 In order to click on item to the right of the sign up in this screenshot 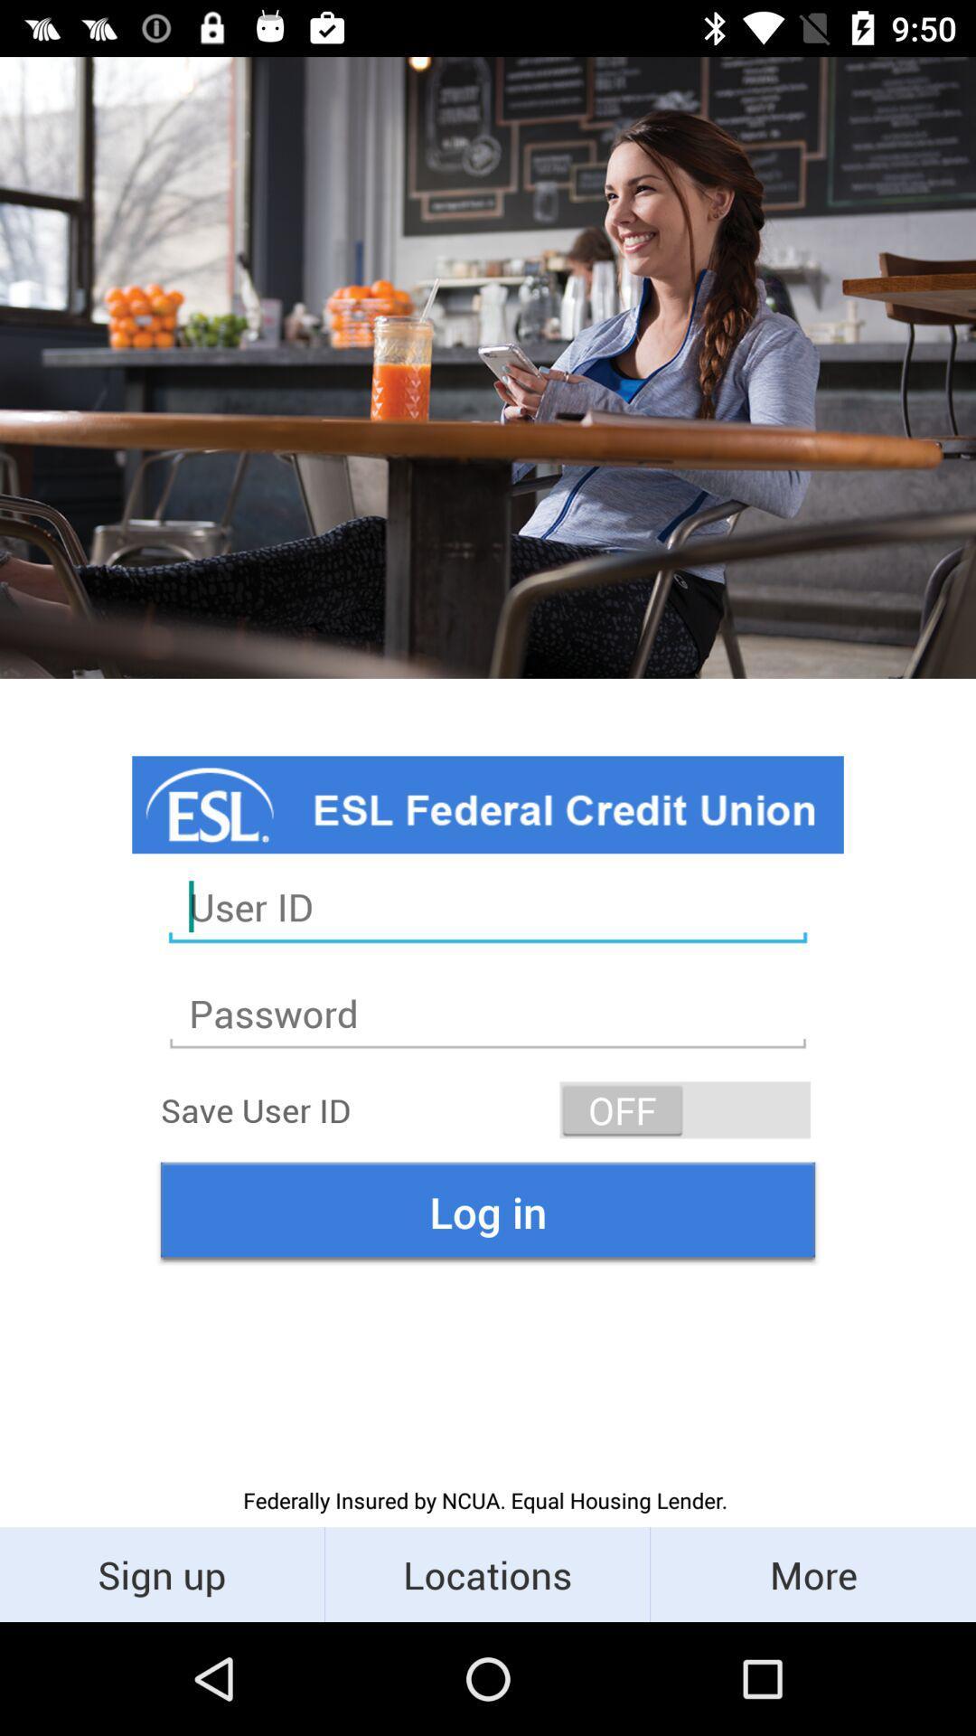, I will do `click(486, 1573)`.